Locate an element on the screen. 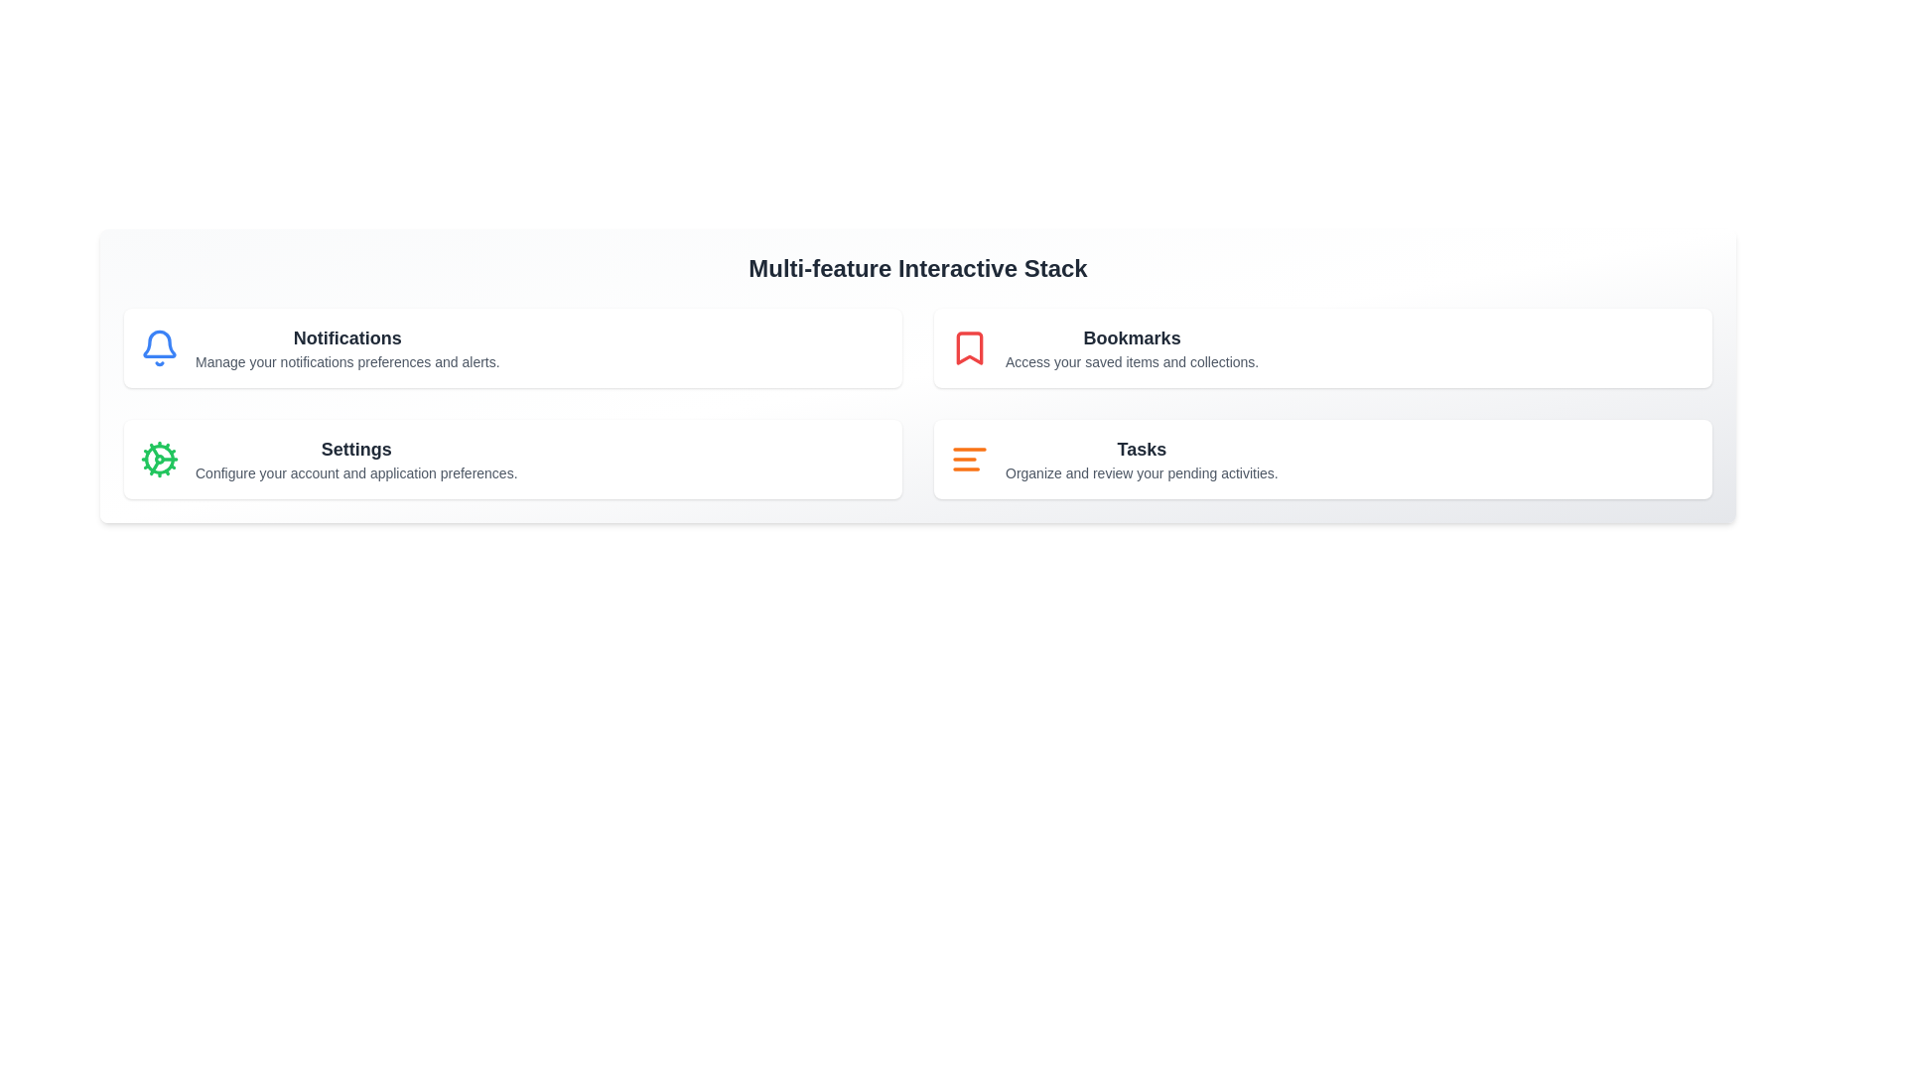  the functionality of the 'Settings' icon, which is represented by a cogwheel icon and descriptive text, located within the 'Settings' panel of the interactive stack interface is located at coordinates (160, 459).